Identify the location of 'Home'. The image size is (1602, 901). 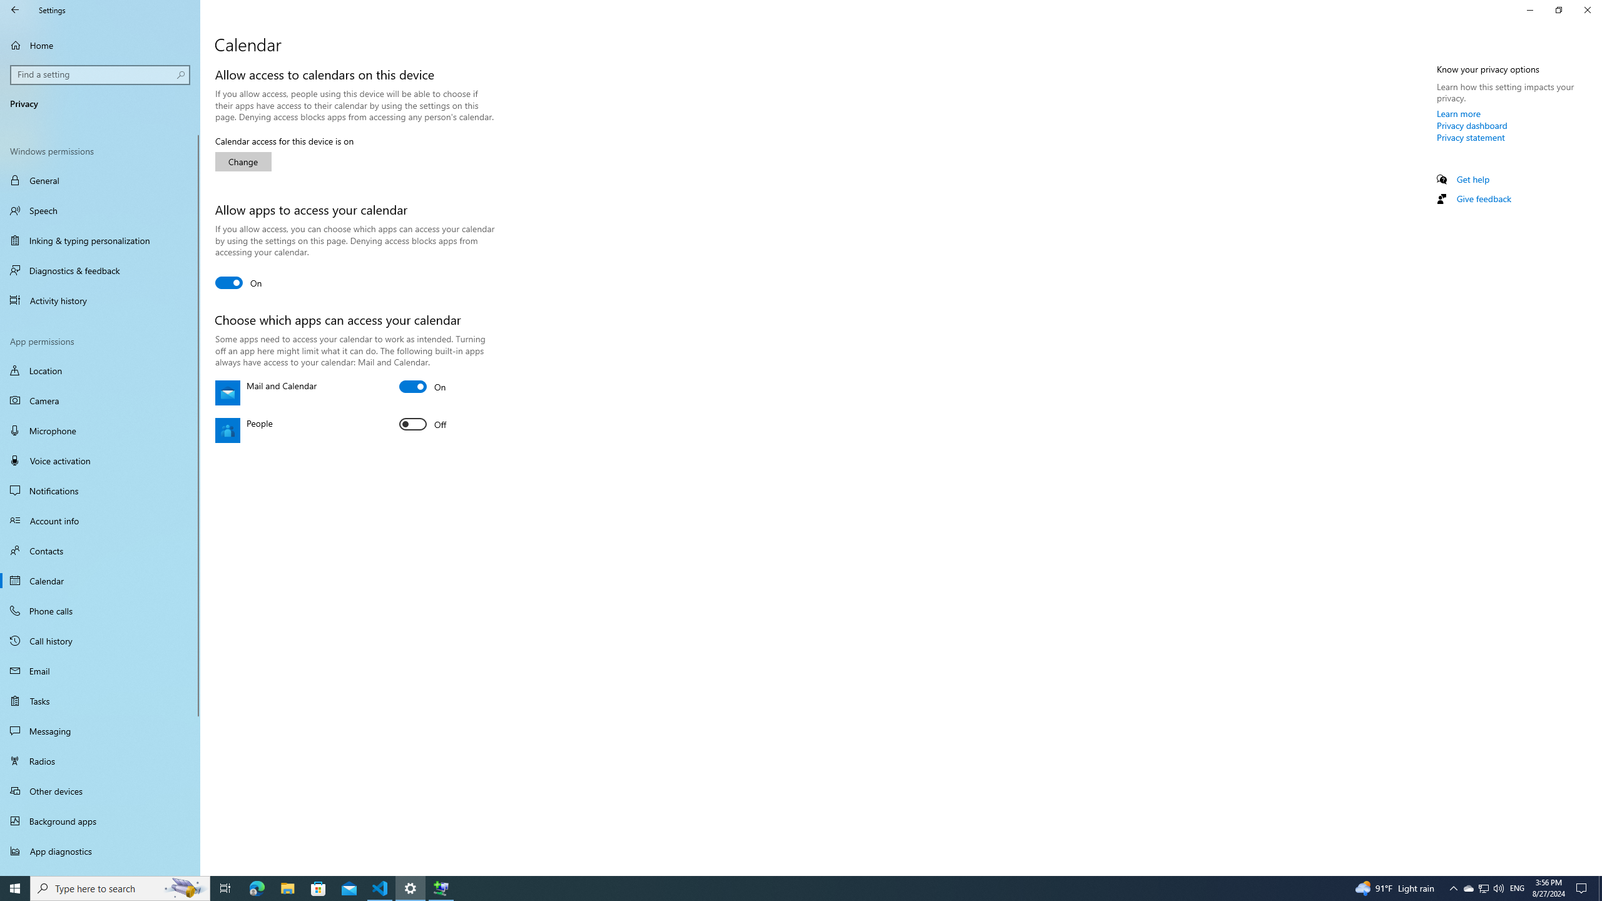
(99, 45).